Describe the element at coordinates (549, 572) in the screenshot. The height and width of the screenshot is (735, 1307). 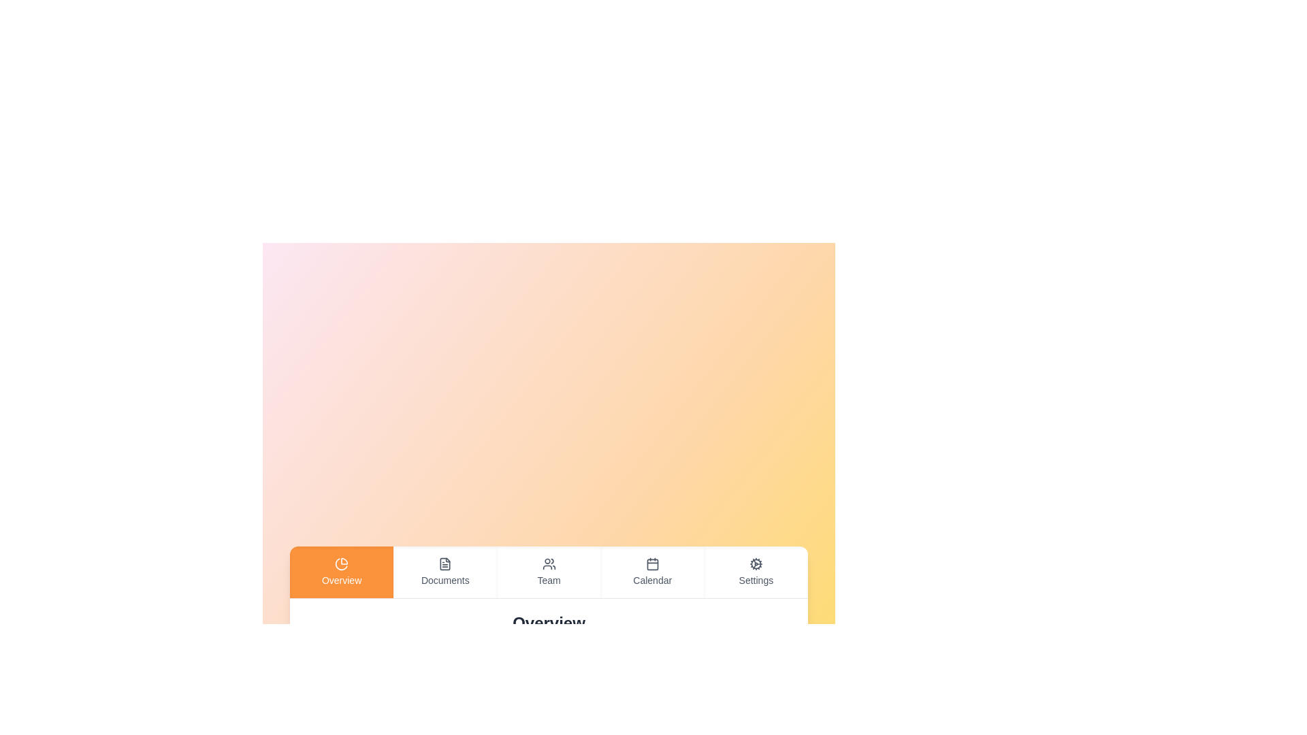
I see `the 'Team' tab in the navigation bar` at that location.